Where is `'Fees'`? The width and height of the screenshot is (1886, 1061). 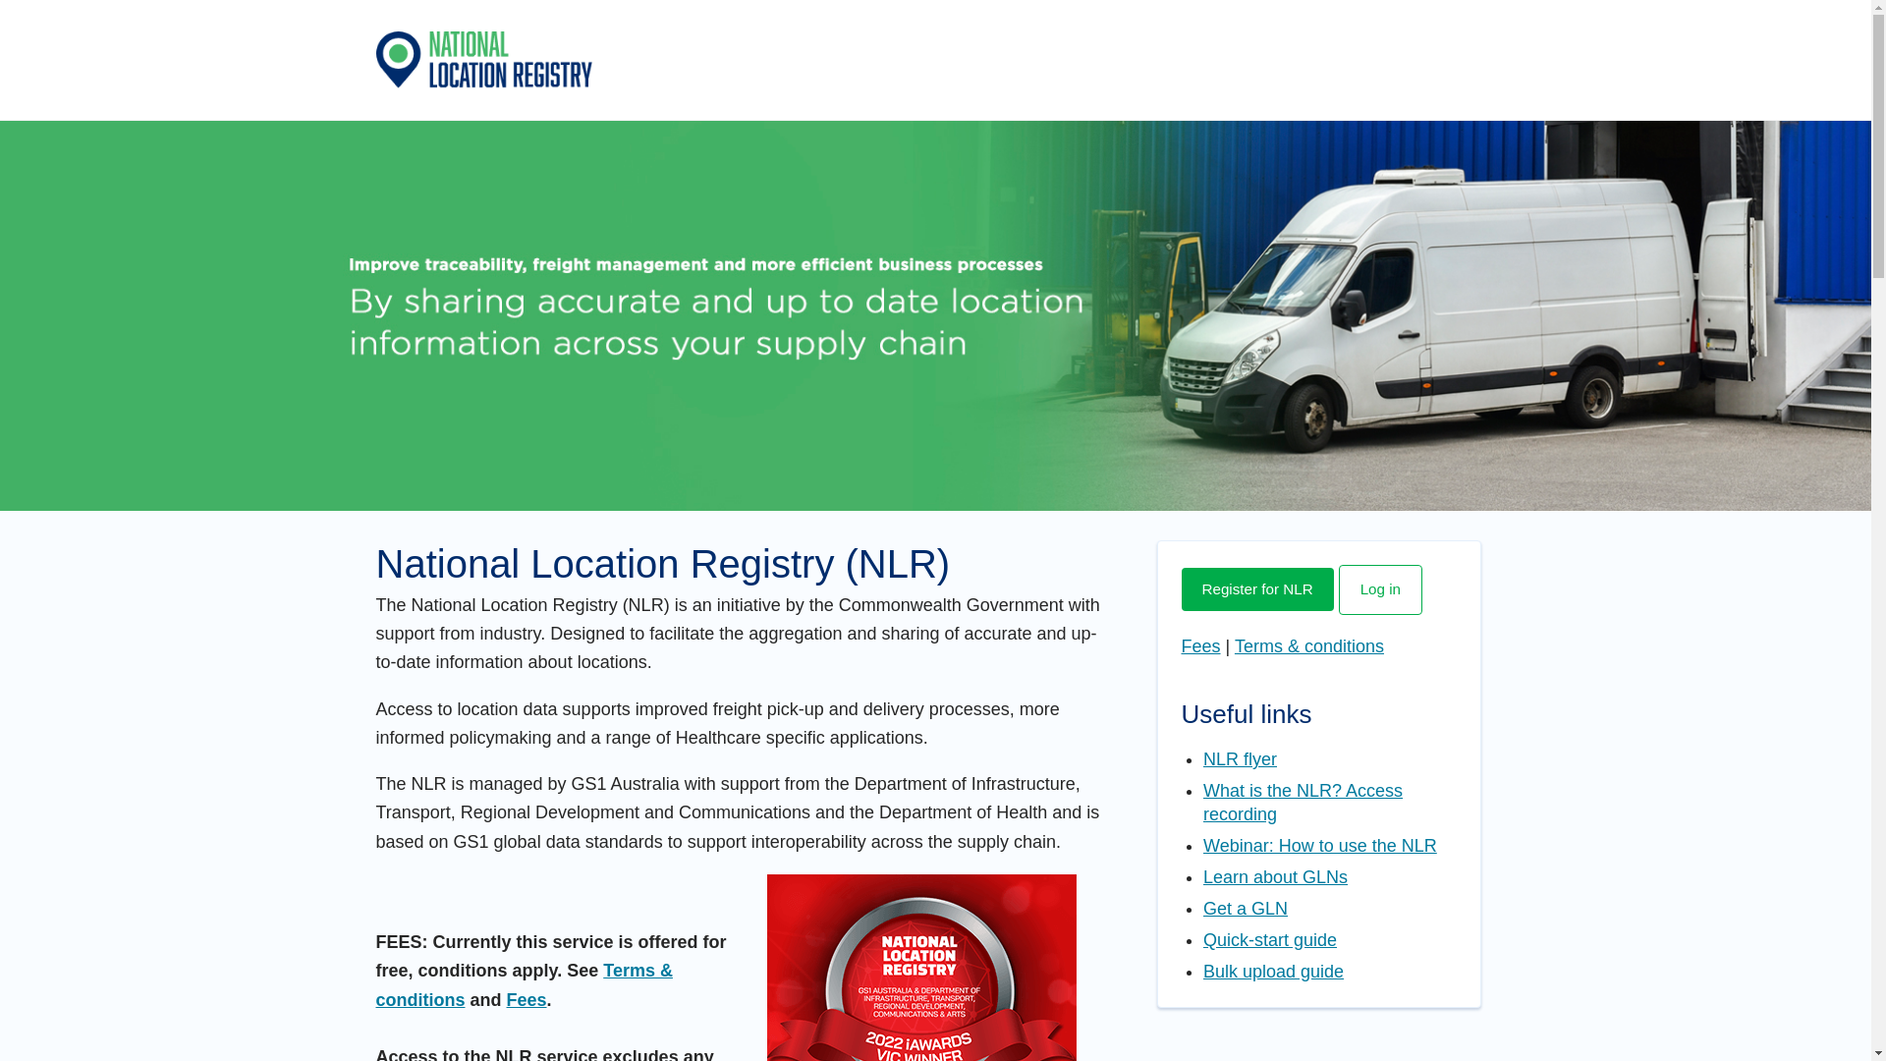
'Fees' is located at coordinates (527, 1000).